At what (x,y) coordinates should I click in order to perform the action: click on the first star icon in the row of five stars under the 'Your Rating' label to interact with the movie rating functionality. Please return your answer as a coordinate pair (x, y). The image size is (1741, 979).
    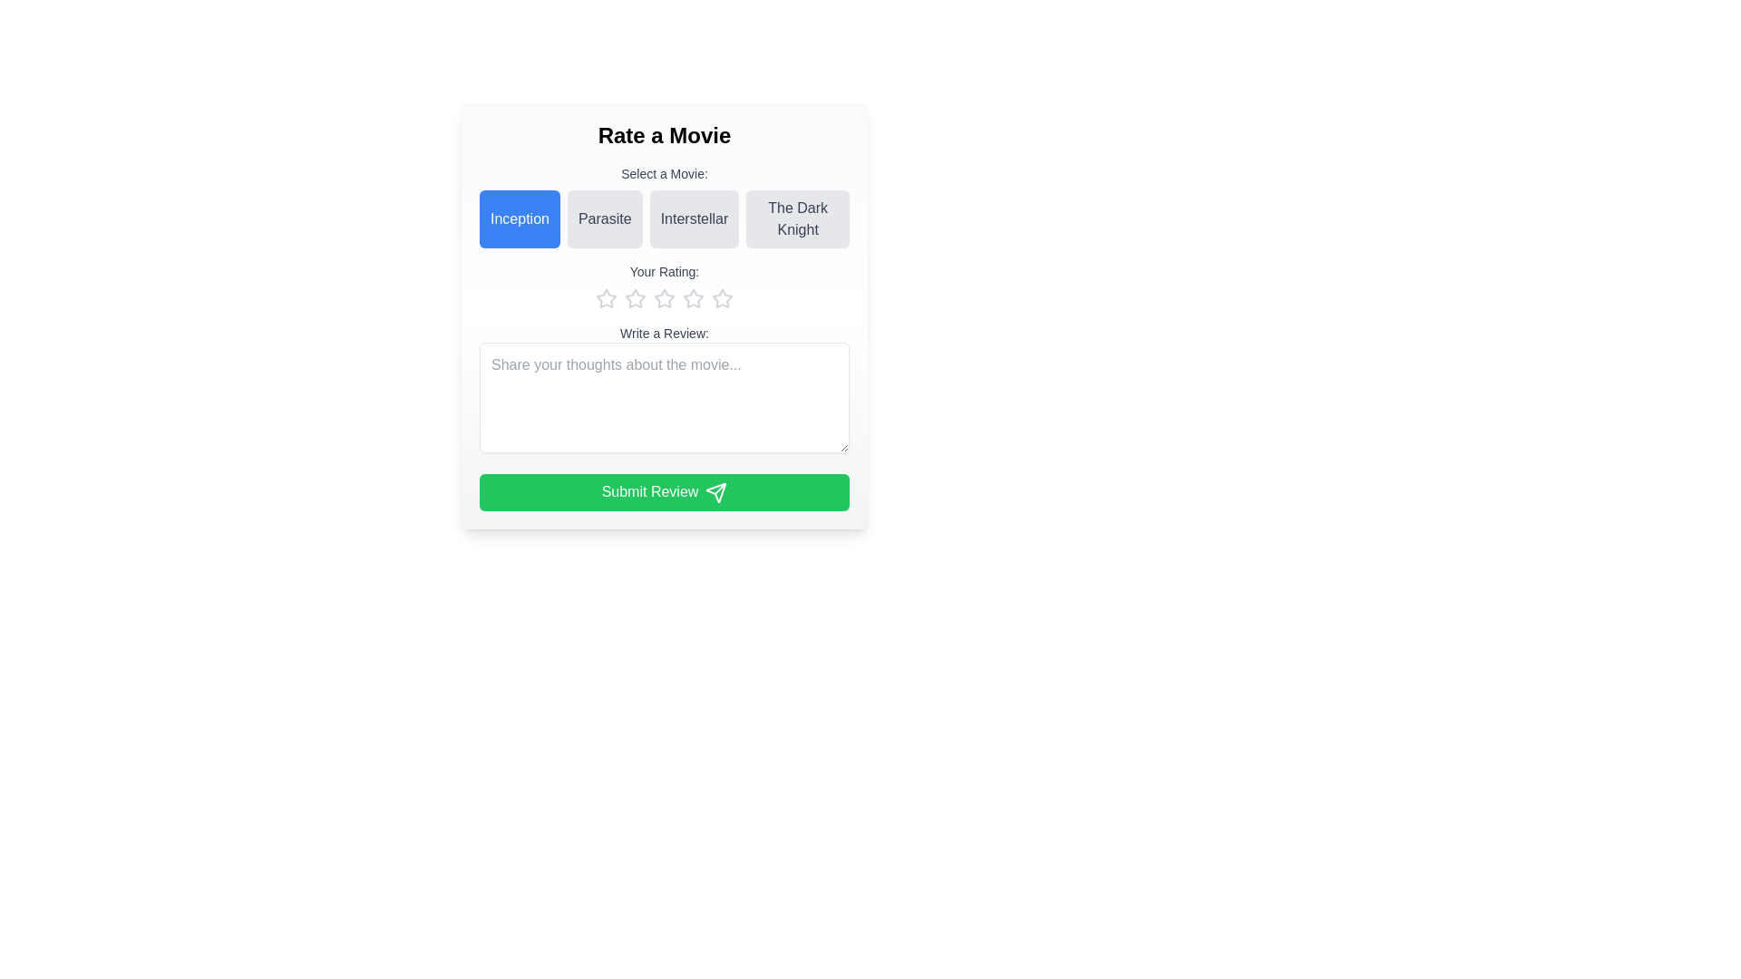
    Looking at the image, I should click on (606, 298).